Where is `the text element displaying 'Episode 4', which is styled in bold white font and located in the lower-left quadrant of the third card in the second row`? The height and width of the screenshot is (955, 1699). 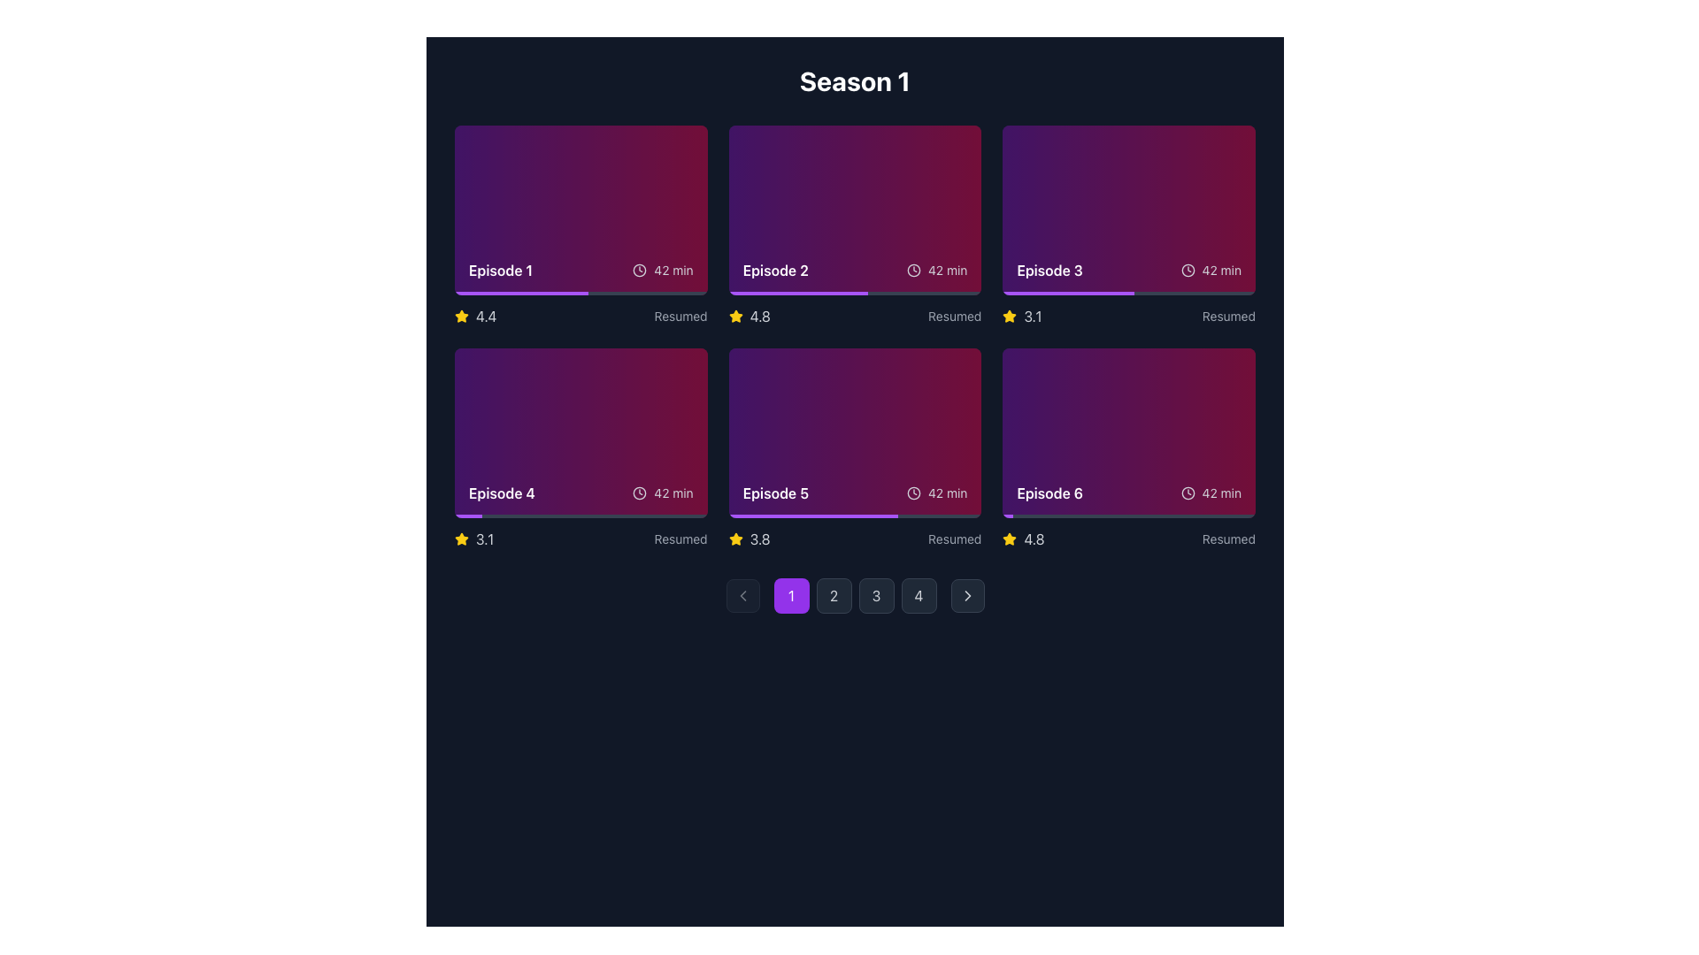
the text element displaying 'Episode 4', which is styled in bold white font and located in the lower-left quadrant of the third card in the second row is located at coordinates (501, 493).